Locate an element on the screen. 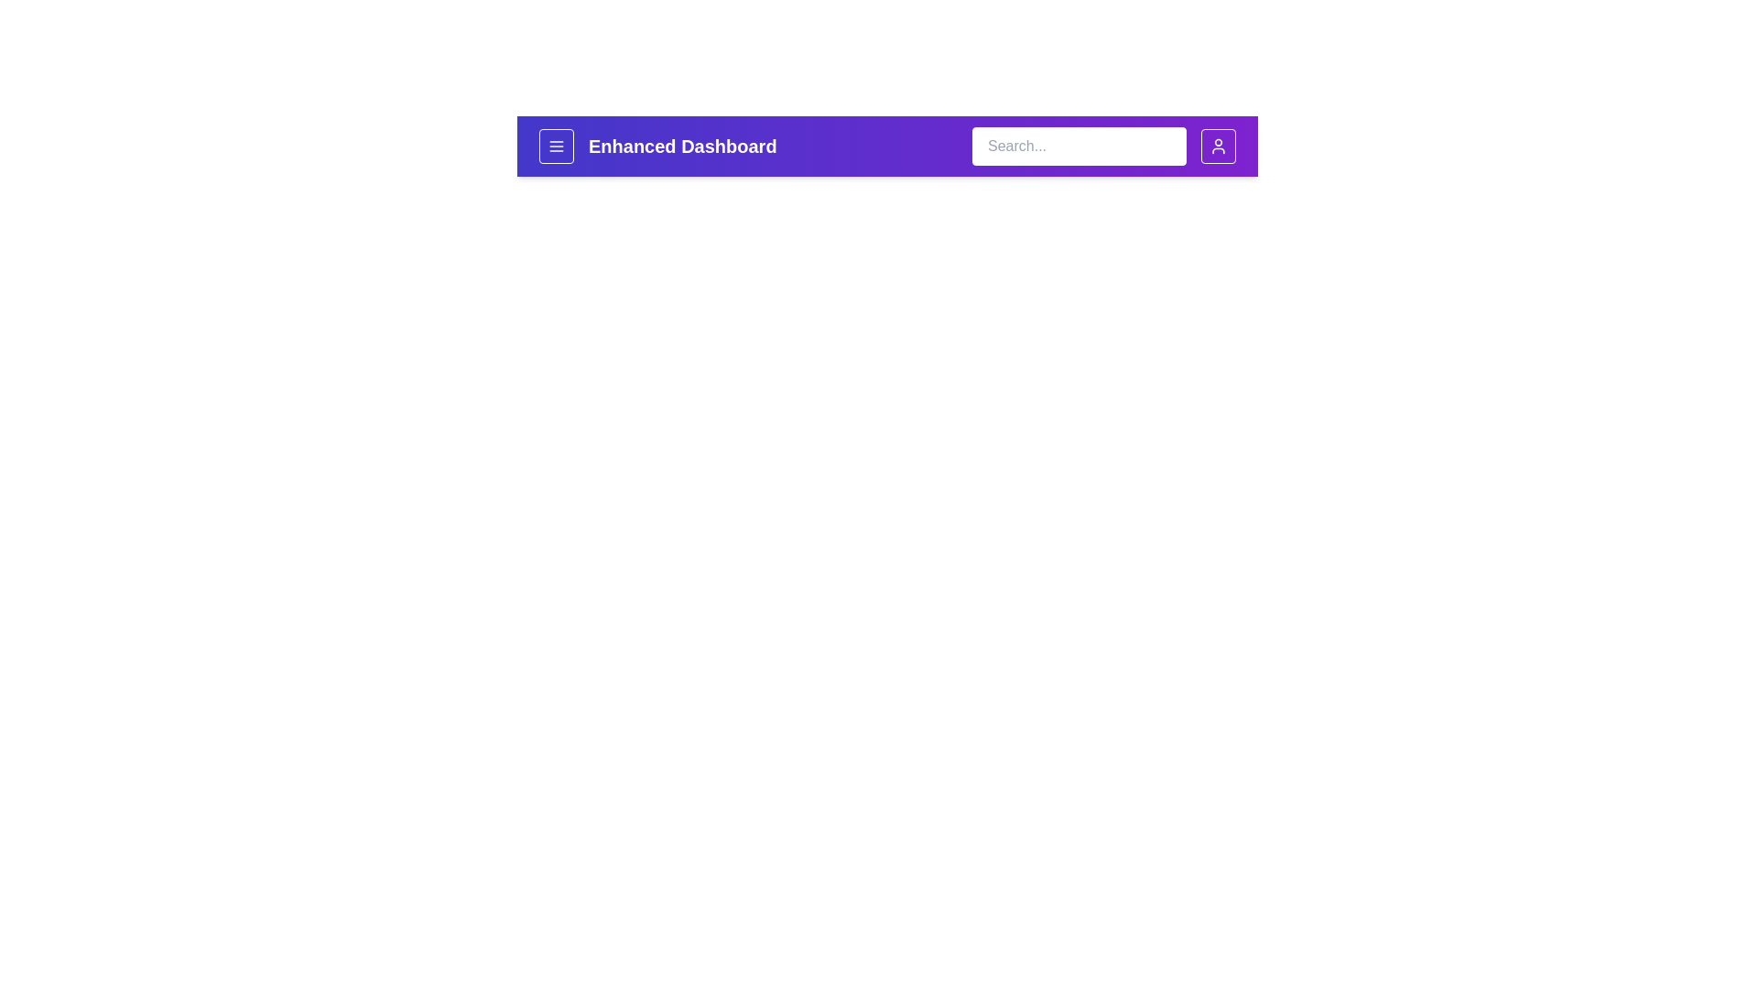  the user profile button is located at coordinates (1218, 145).